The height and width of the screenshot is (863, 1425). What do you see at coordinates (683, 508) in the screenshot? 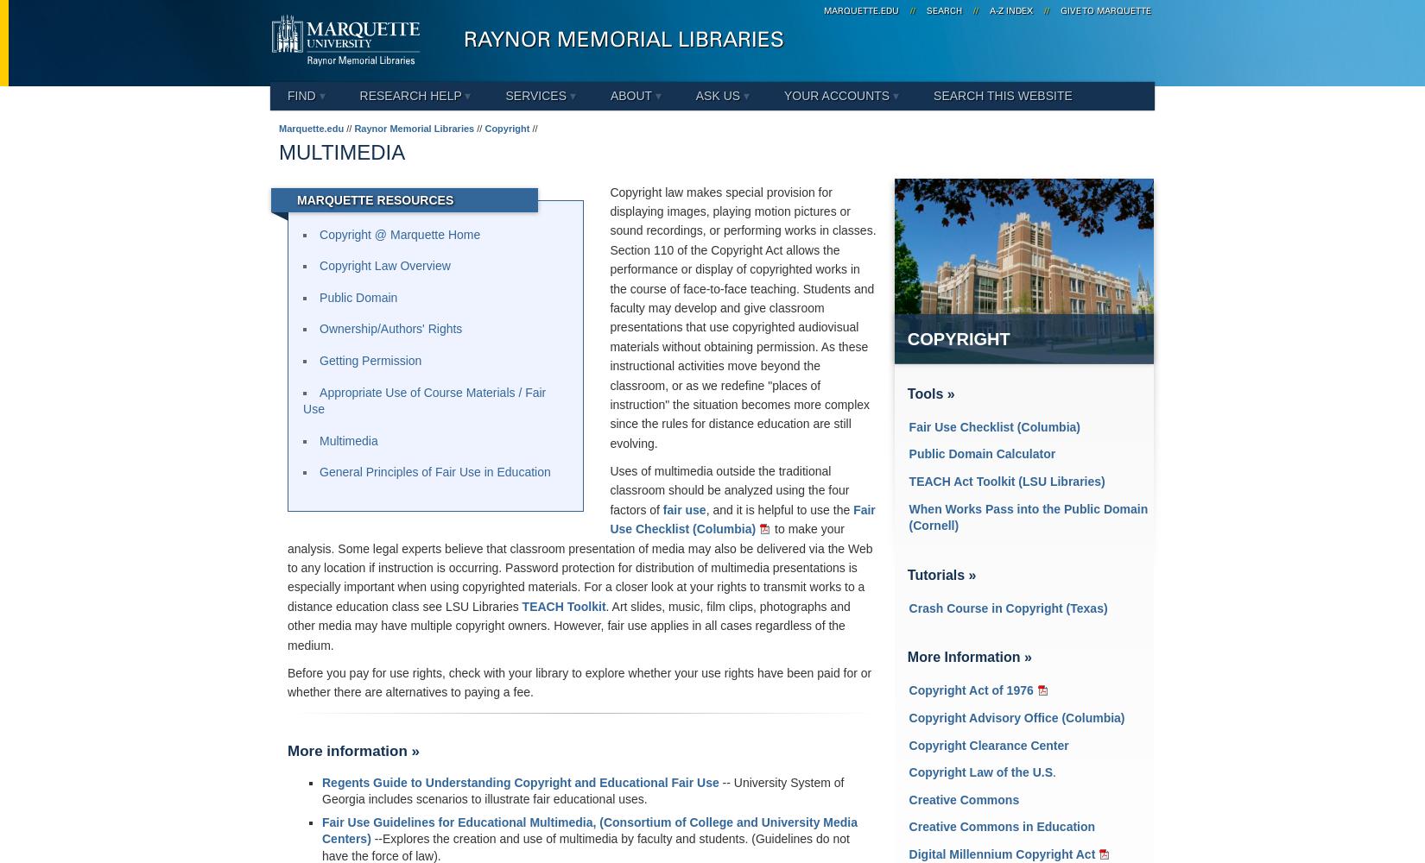
I see `'fair use'` at bounding box center [683, 508].